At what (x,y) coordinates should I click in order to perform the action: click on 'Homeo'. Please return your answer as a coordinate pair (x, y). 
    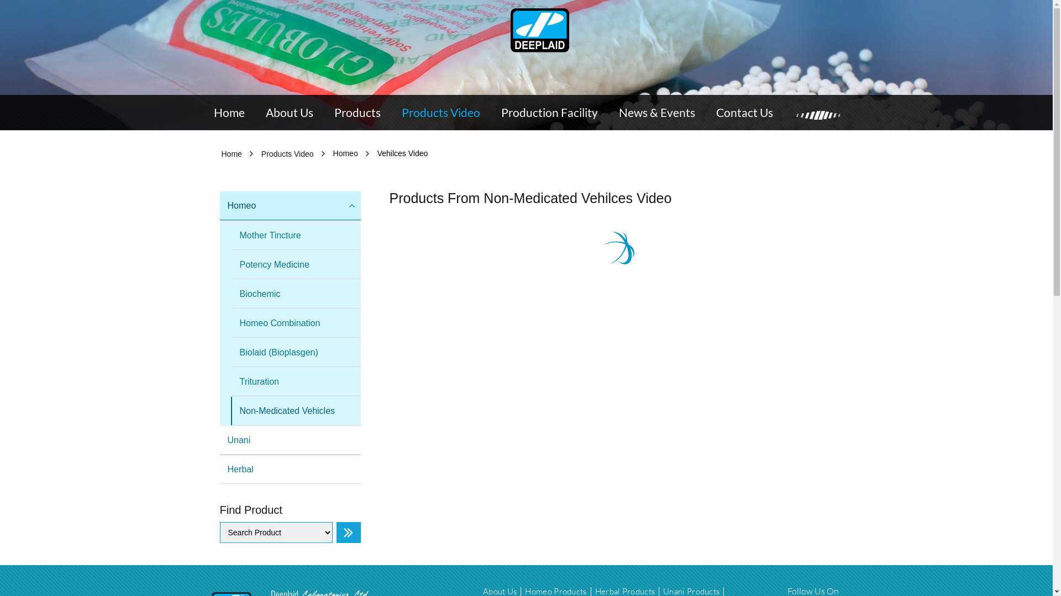
    Looking at the image, I should click on (290, 206).